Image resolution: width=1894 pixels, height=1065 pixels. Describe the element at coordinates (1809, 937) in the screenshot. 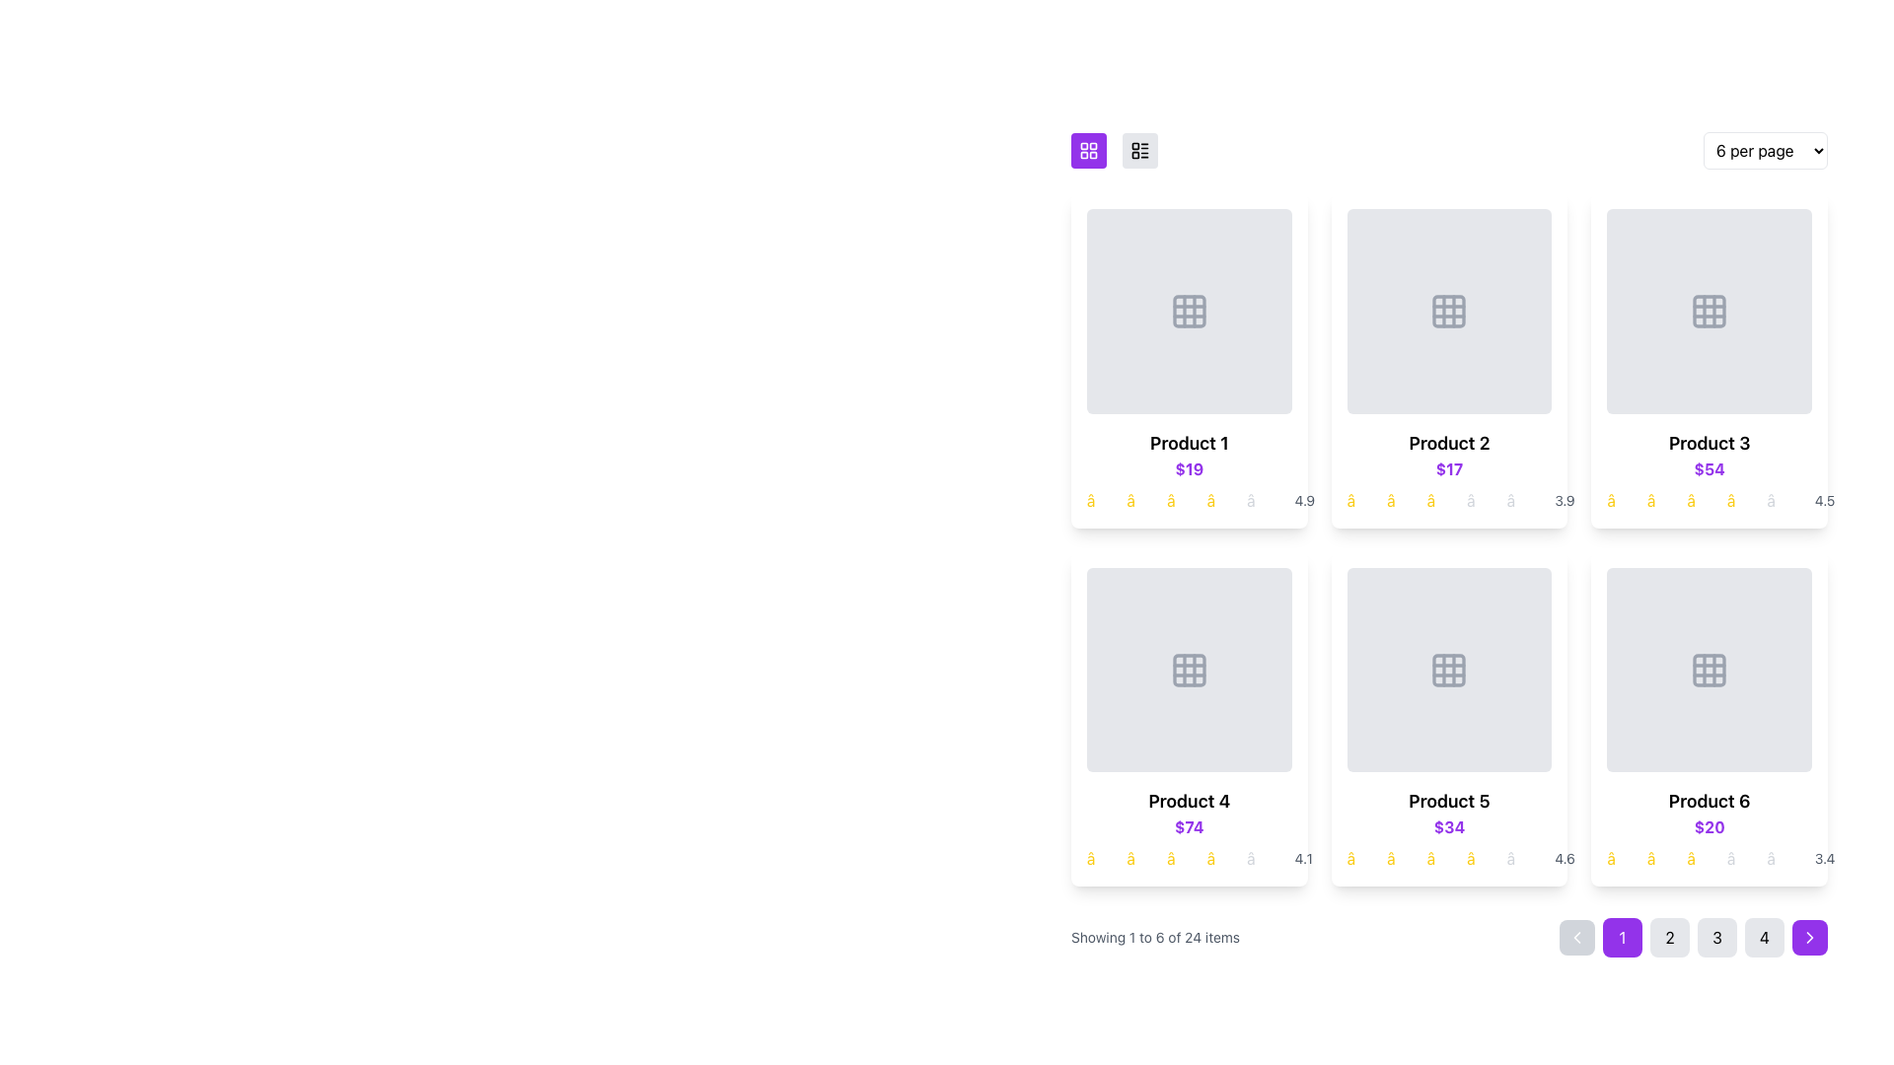

I see `the button with chevron icon located at the bottom-right corner of the interface` at that location.